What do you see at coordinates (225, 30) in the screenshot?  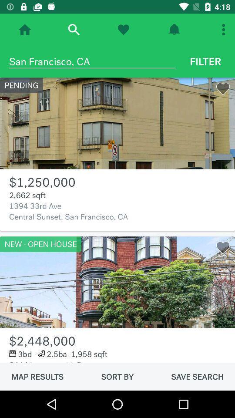 I see `the three dot button at the top right corner` at bounding box center [225, 30].